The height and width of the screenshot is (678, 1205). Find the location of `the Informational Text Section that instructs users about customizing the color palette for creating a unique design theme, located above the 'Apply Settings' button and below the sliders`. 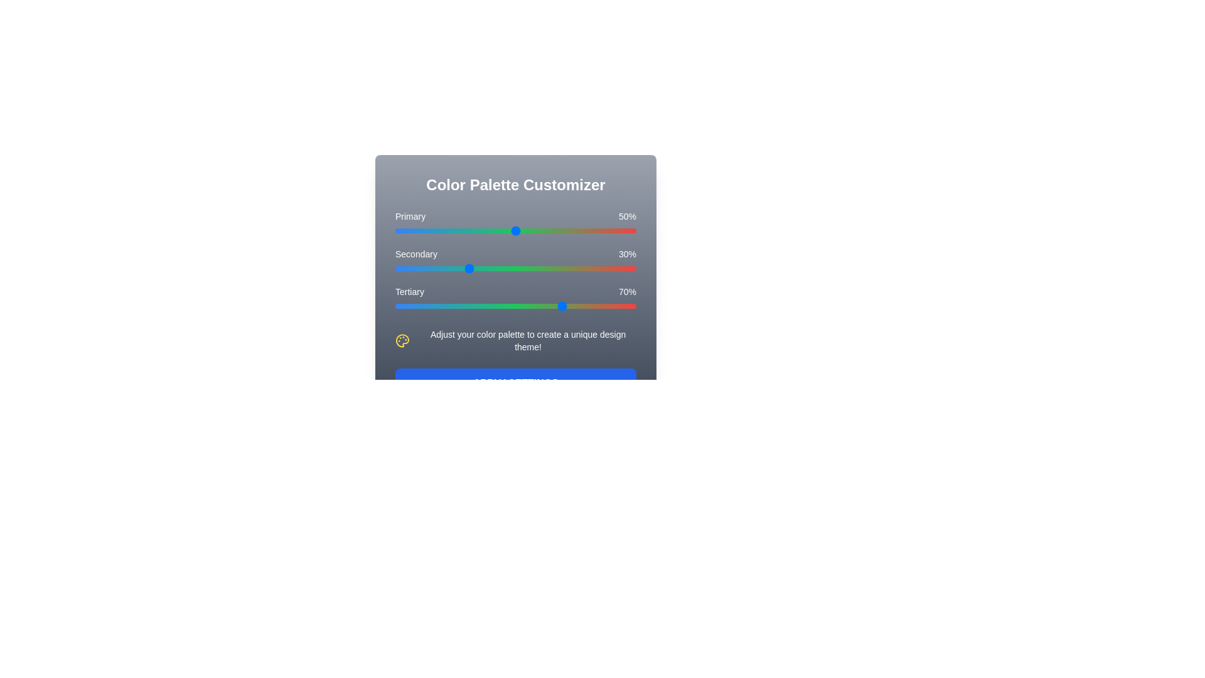

the Informational Text Section that instructs users about customizing the color palette for creating a unique design theme, located above the 'Apply Settings' button and below the sliders is located at coordinates (515, 341).